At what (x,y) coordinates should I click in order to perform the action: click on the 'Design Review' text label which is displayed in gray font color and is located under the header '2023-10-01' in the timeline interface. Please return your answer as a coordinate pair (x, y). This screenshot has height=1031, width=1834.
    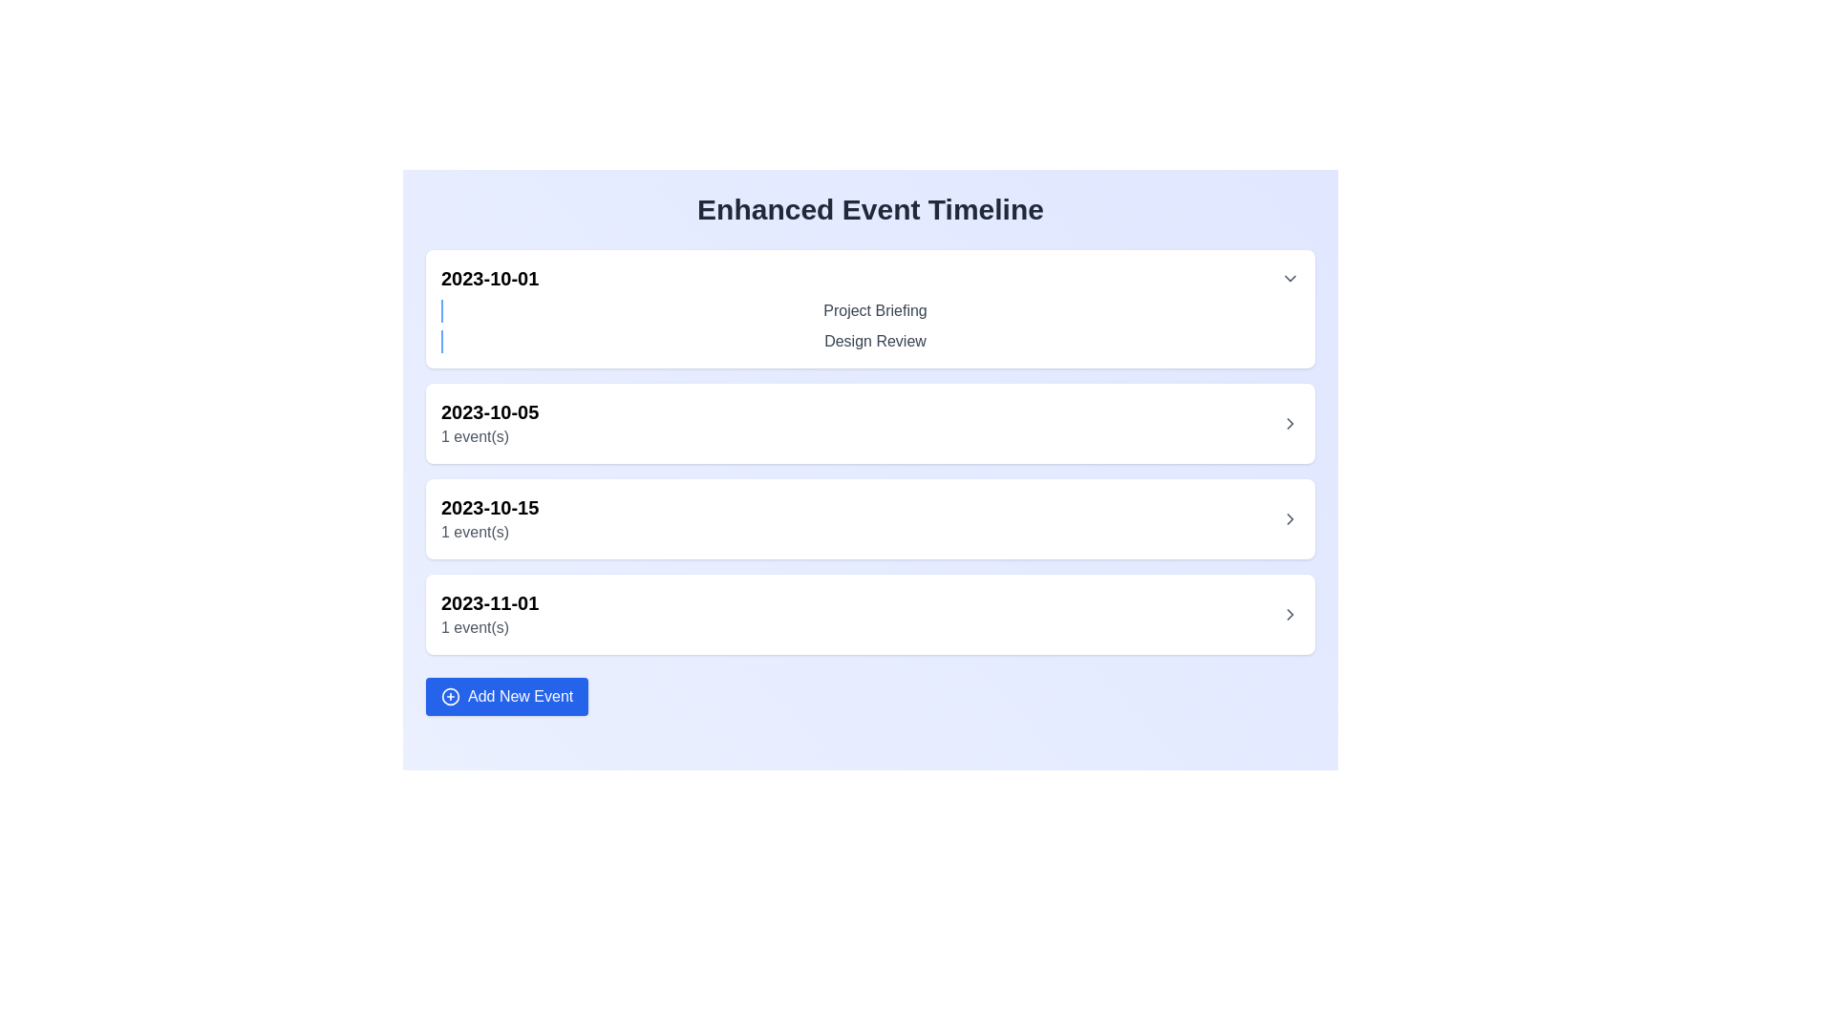
    Looking at the image, I should click on (874, 341).